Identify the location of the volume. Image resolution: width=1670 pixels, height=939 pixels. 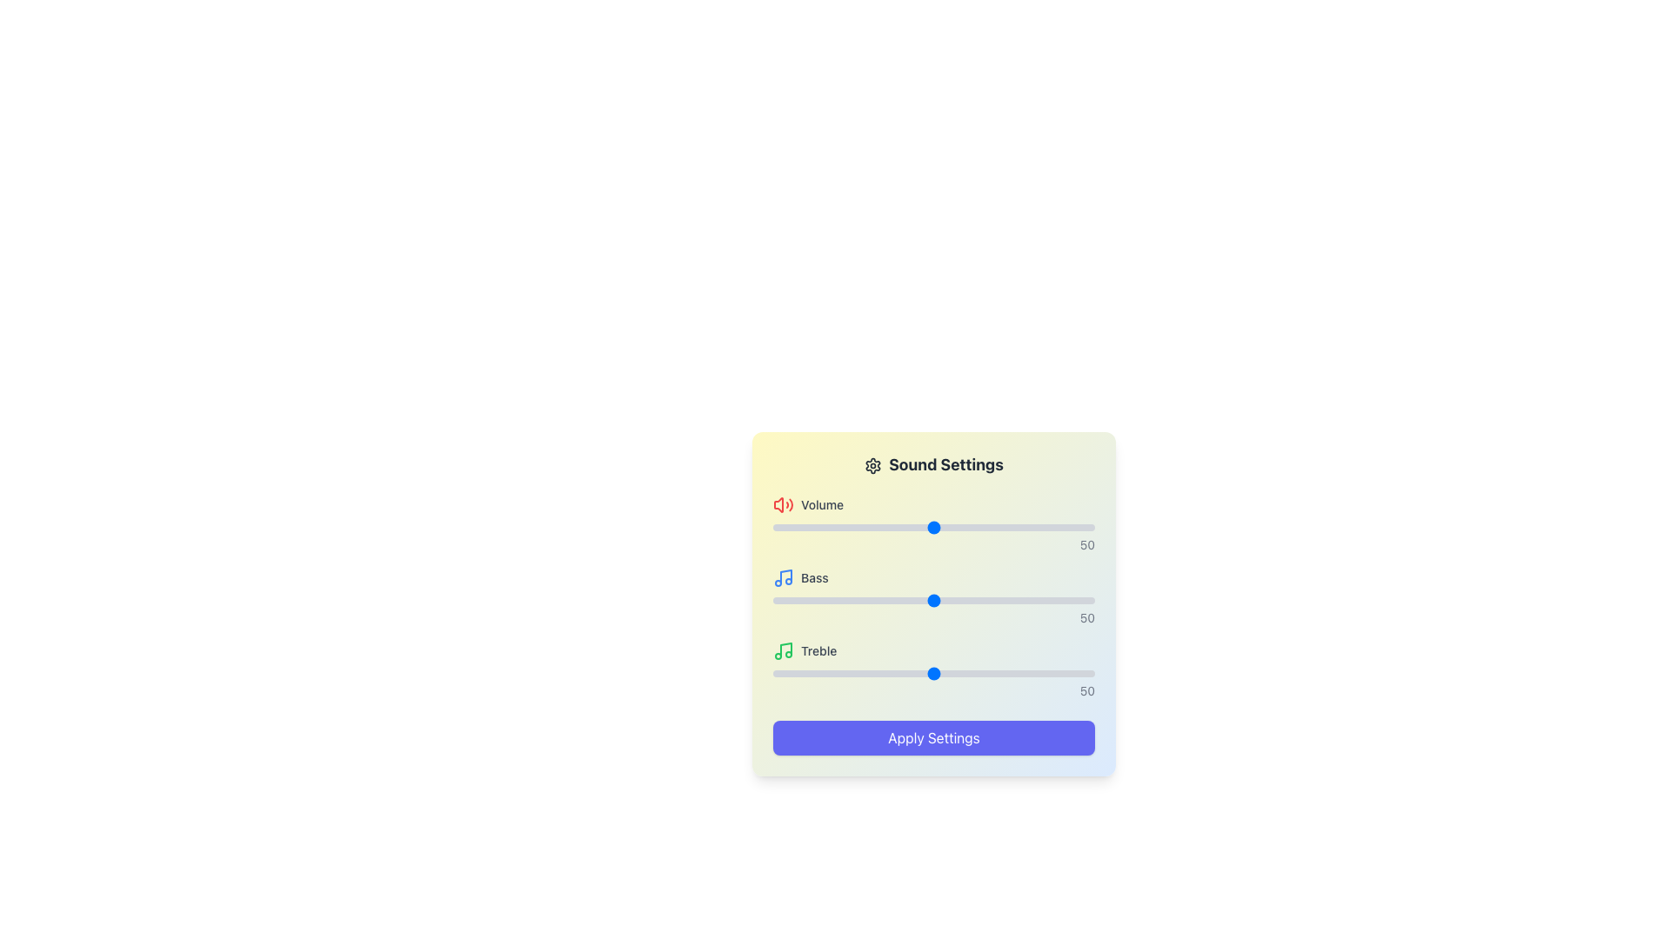
(798, 526).